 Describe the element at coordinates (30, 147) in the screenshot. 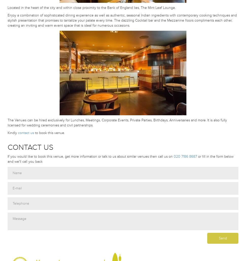

I see `'Contact Us'` at that location.